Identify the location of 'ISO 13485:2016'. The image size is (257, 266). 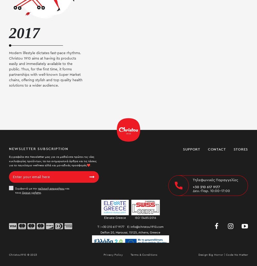
(145, 217).